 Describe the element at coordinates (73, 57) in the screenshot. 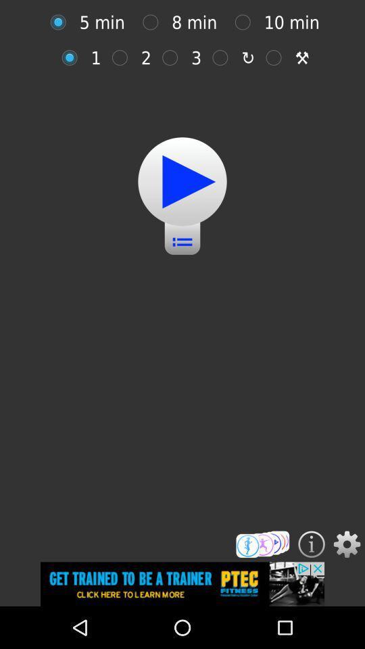

I see `one` at that location.